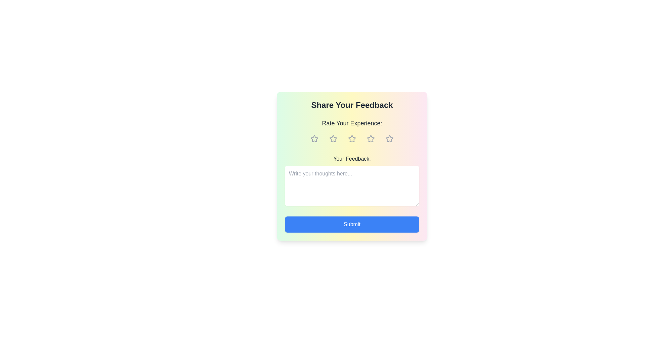 This screenshot has width=645, height=363. I want to click on the second star icon from the left in the horizontal row of five stars, so click(333, 138).